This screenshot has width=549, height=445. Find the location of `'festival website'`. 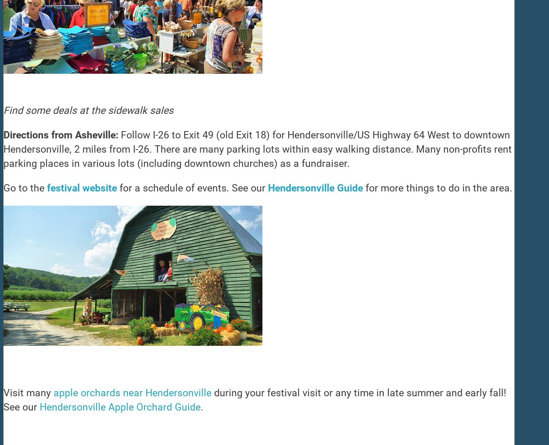

'festival website' is located at coordinates (82, 188).